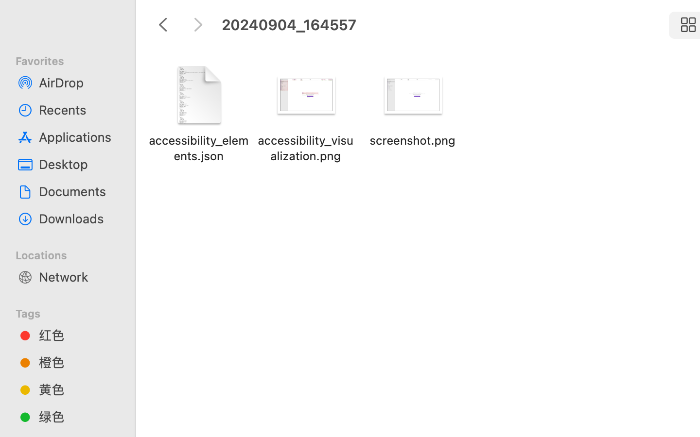 Image resolution: width=700 pixels, height=437 pixels. I want to click on 'Favorites', so click(73, 60).